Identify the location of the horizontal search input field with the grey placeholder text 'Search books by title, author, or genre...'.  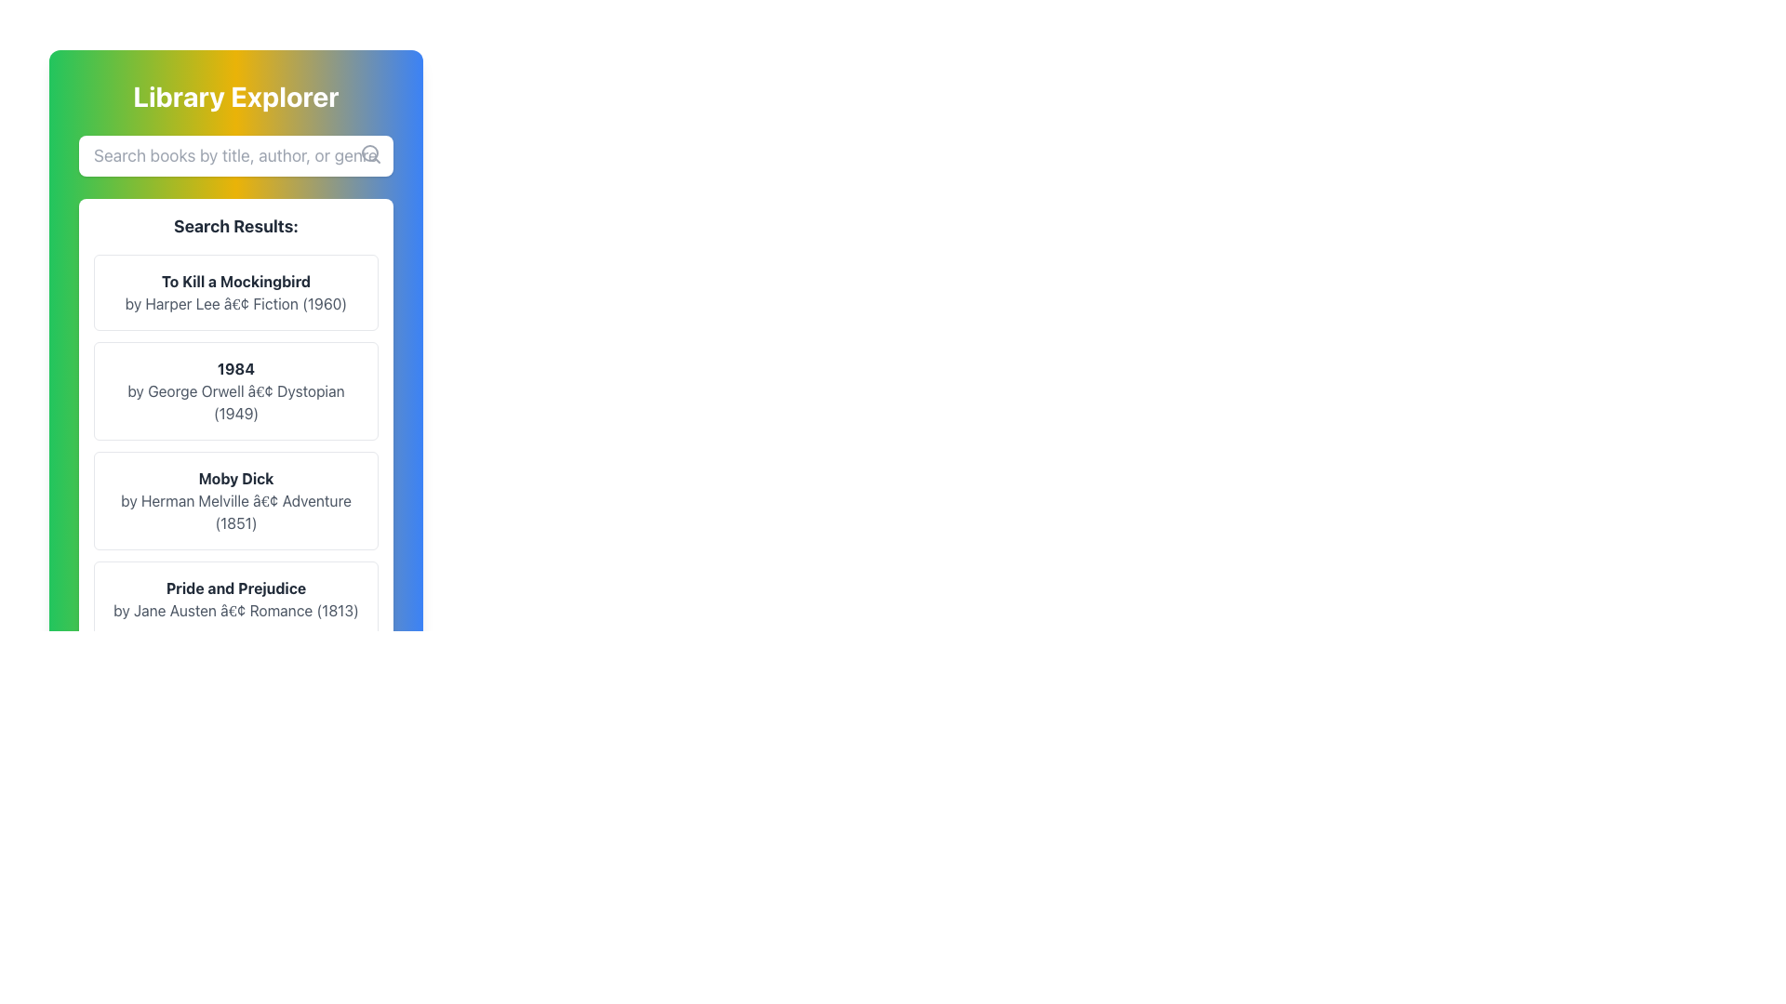
(235, 155).